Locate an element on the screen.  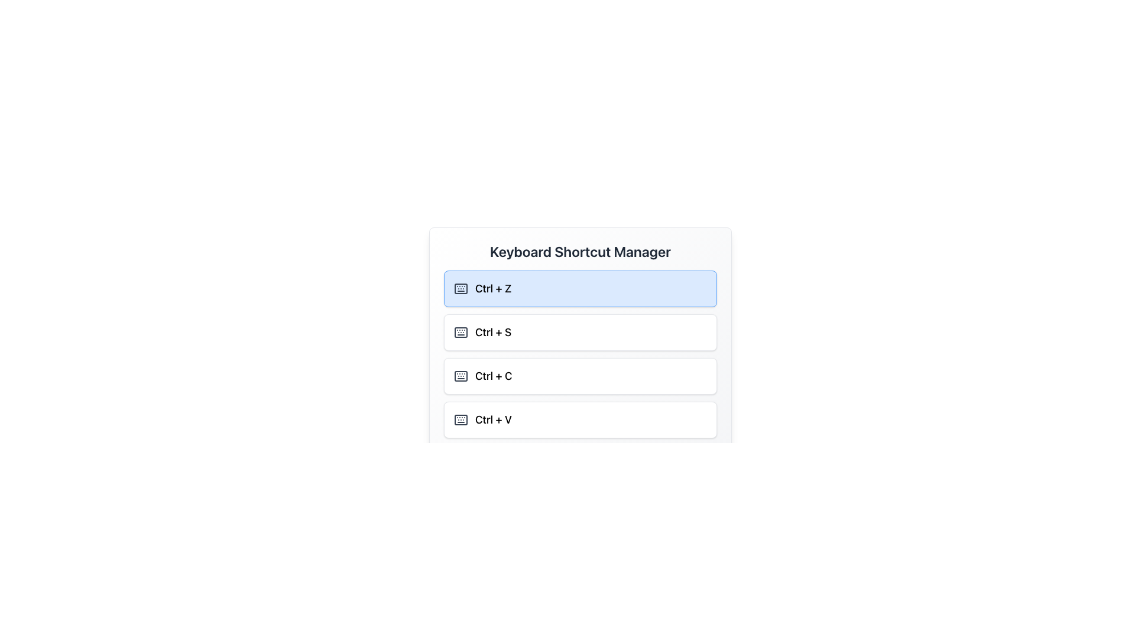
the 'Ctrl + S' button, which is the second item in a vertical list of keyboard shortcuts is located at coordinates (581, 333).